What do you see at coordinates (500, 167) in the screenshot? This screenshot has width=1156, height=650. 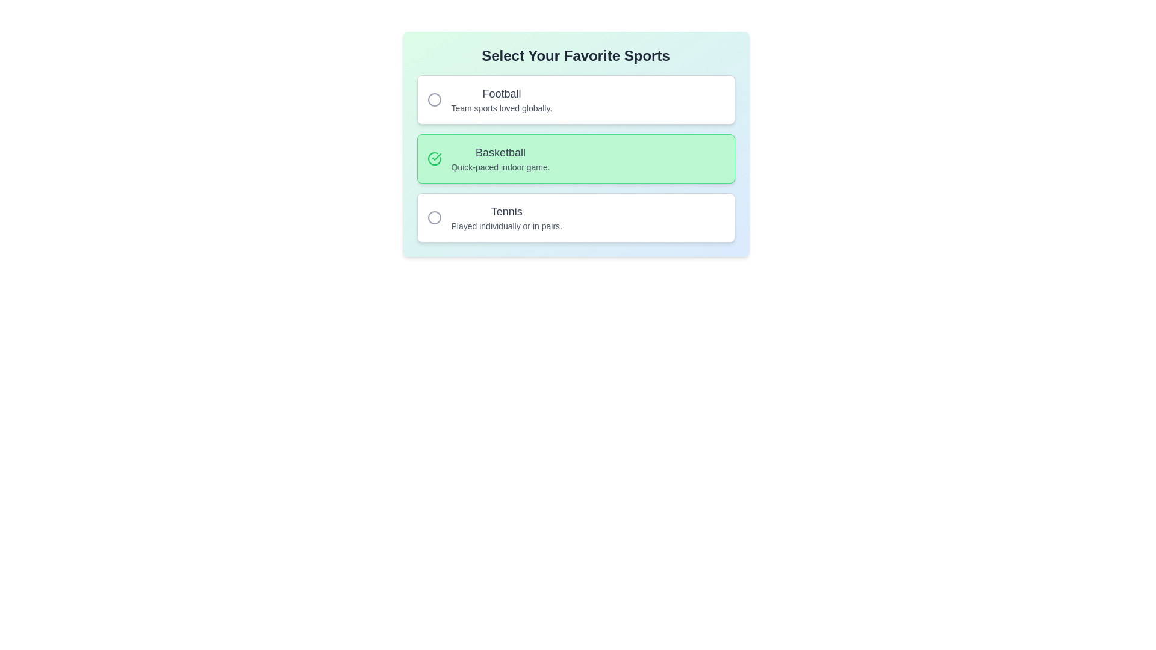 I see `the descriptive text element located below the 'Basketball' label to provide context about the choice labeled 'Basketball'` at bounding box center [500, 167].